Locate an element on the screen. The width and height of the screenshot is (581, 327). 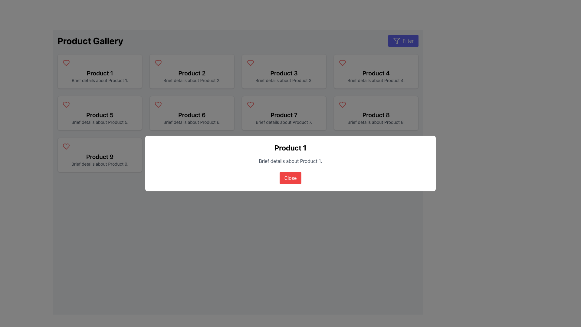
the bold text label displaying 'Product Gallery', which is a prominent header located at the top-left of the interface, above the product cards and to the left of the 'Filter' button is located at coordinates (90, 41).